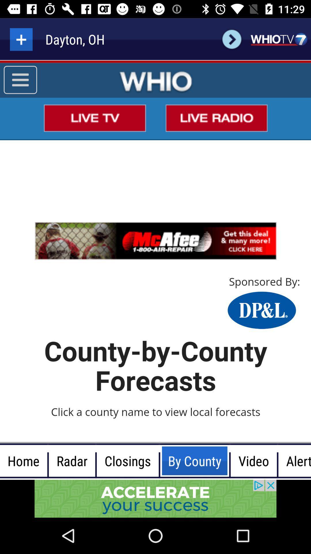  What do you see at coordinates (232, 39) in the screenshot?
I see `the next arrow` at bounding box center [232, 39].